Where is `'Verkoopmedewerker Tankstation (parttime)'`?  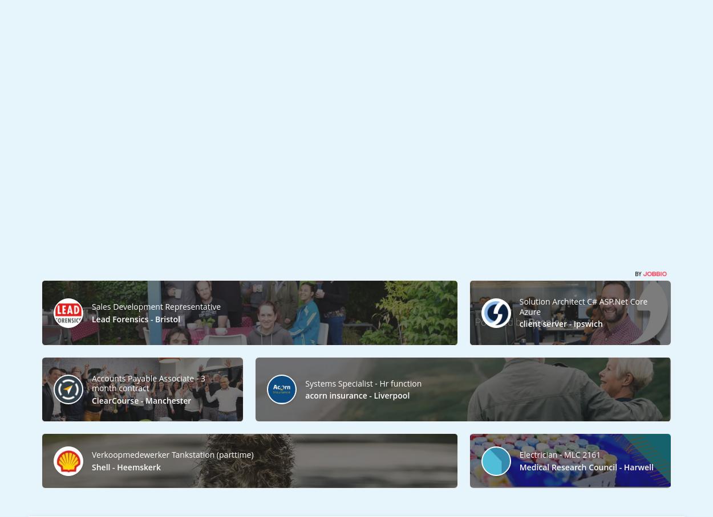
'Verkoopmedewerker Tankstation (parttime)' is located at coordinates (172, 454).